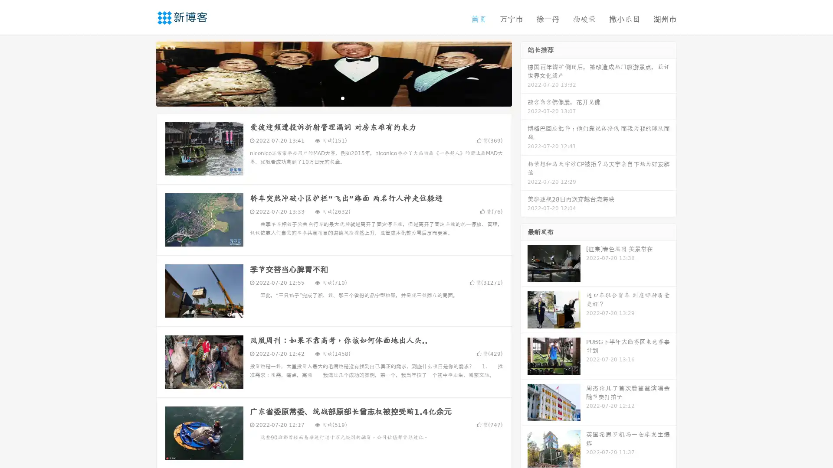  I want to click on Go to slide 3, so click(342, 97).